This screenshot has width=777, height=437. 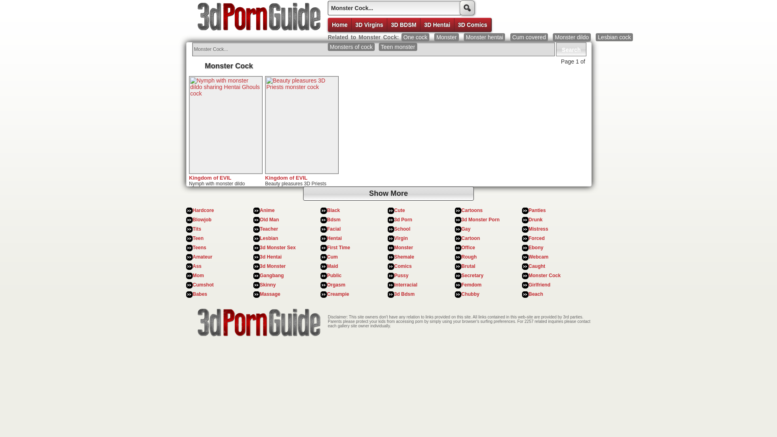 What do you see at coordinates (203, 284) in the screenshot?
I see `'Cumshot'` at bounding box center [203, 284].